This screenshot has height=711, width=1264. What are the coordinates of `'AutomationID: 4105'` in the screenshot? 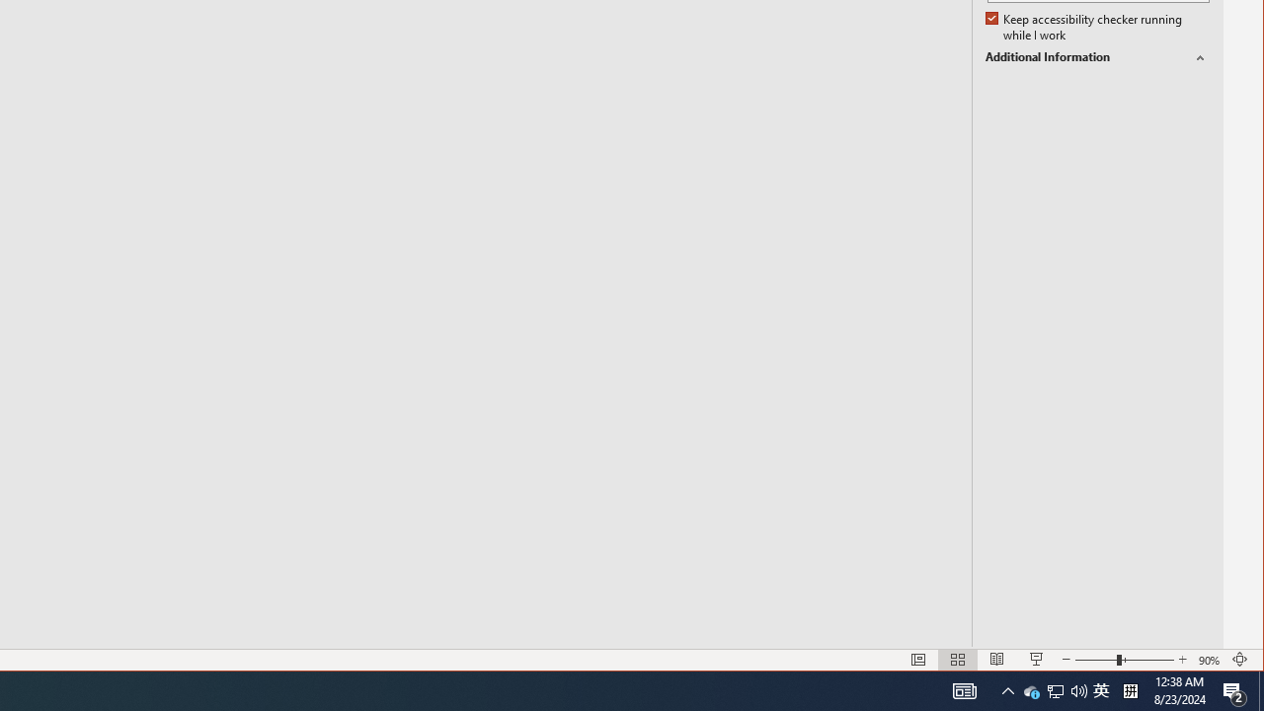 It's located at (965, 689).